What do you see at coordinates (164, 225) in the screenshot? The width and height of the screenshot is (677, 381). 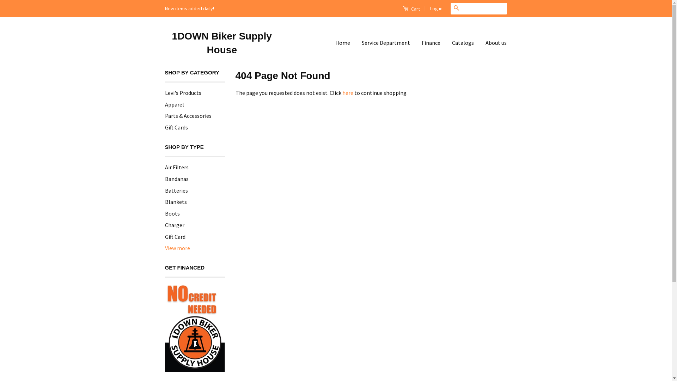 I see `'Charger'` at bounding box center [164, 225].